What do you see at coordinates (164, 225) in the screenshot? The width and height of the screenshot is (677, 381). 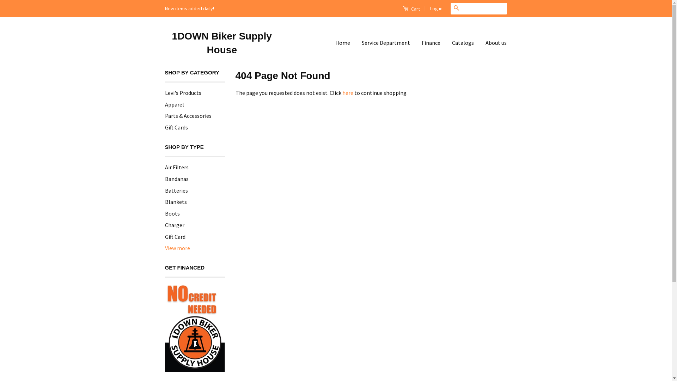 I see `'Charger'` at bounding box center [164, 225].